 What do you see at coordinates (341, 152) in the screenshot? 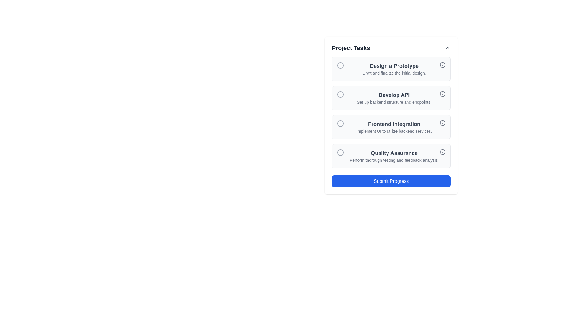
I see `the Circle indicator associated with the 'Quality Assurance' task in the 'Project Tasks' list to trigger the tooltip or hover effect` at bounding box center [341, 152].